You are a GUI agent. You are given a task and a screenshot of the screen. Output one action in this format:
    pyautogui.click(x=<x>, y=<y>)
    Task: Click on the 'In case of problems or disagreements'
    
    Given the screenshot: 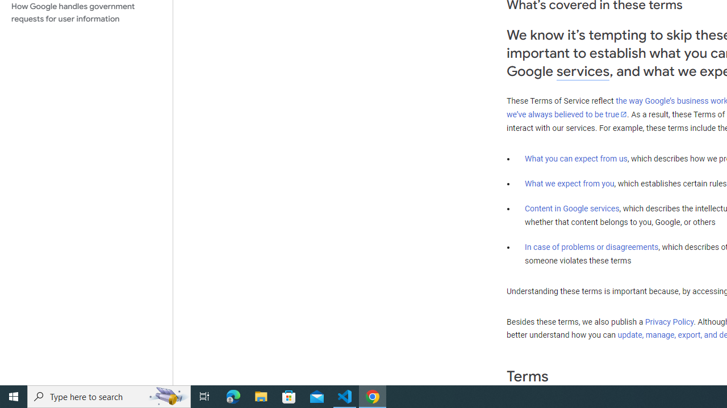 What is the action you would take?
    pyautogui.click(x=591, y=246)
    